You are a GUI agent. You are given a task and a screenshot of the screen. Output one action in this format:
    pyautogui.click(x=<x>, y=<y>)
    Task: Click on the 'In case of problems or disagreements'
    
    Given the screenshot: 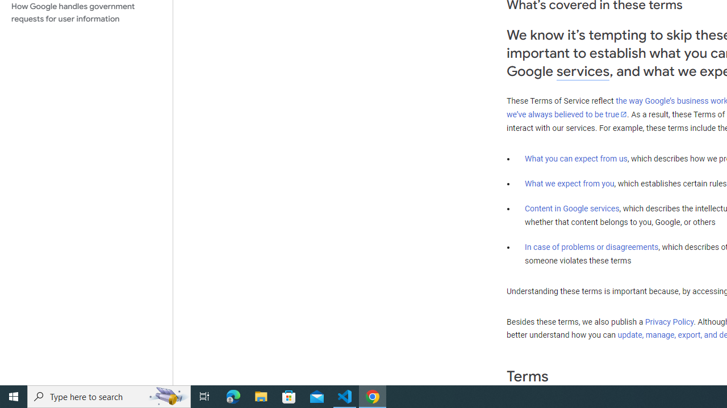 What is the action you would take?
    pyautogui.click(x=591, y=246)
    